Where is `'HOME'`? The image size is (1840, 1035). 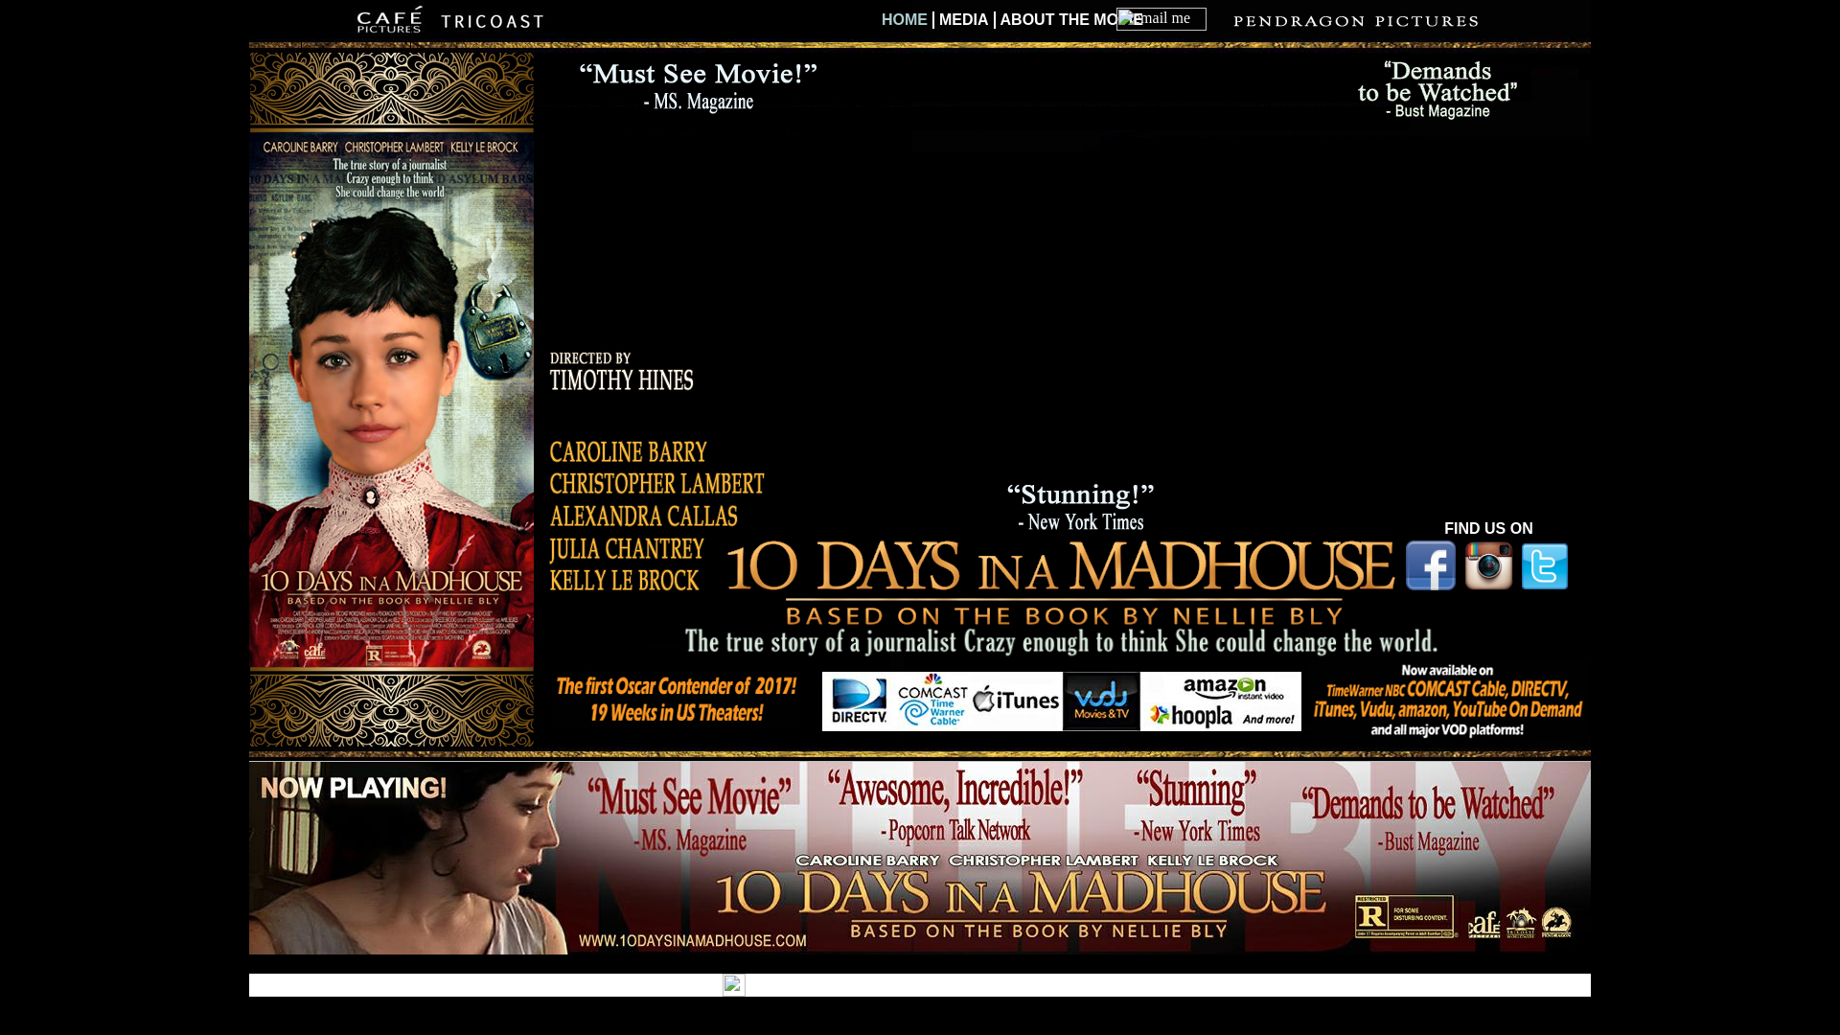 'HOME' is located at coordinates (906, 19).